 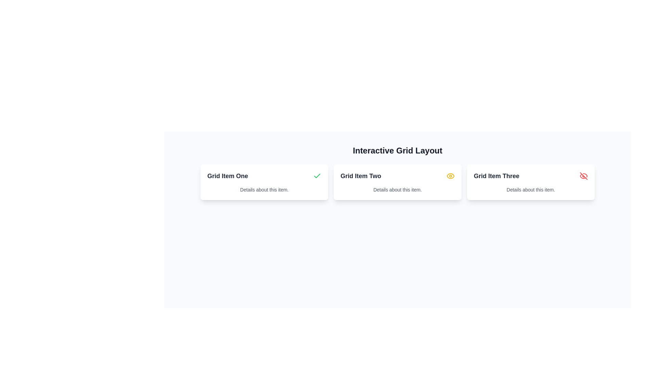 What do you see at coordinates (450, 175) in the screenshot?
I see `the yellow eye icon located at the right side of 'Grid Item Two'` at bounding box center [450, 175].